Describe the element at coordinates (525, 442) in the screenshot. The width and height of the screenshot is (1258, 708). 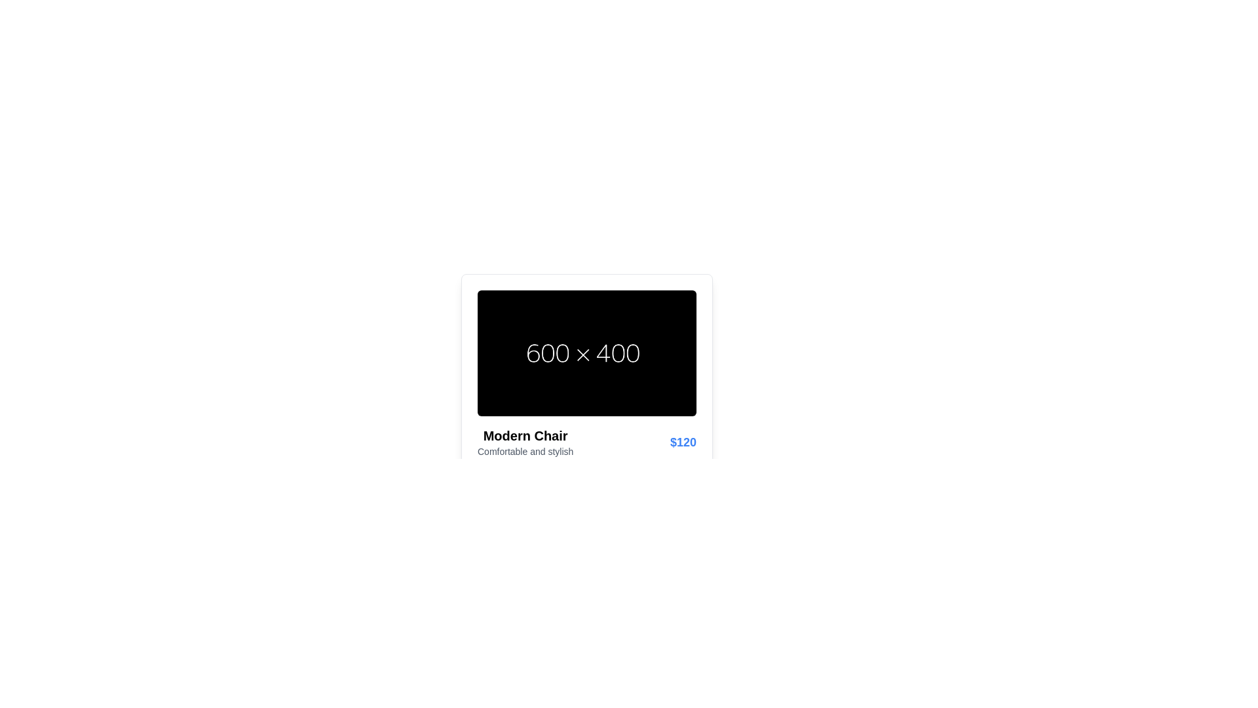
I see `the text block displaying the name and description of the product, located below the image labeled '600 × 400' and to the left of the text '$120.'` at that location.